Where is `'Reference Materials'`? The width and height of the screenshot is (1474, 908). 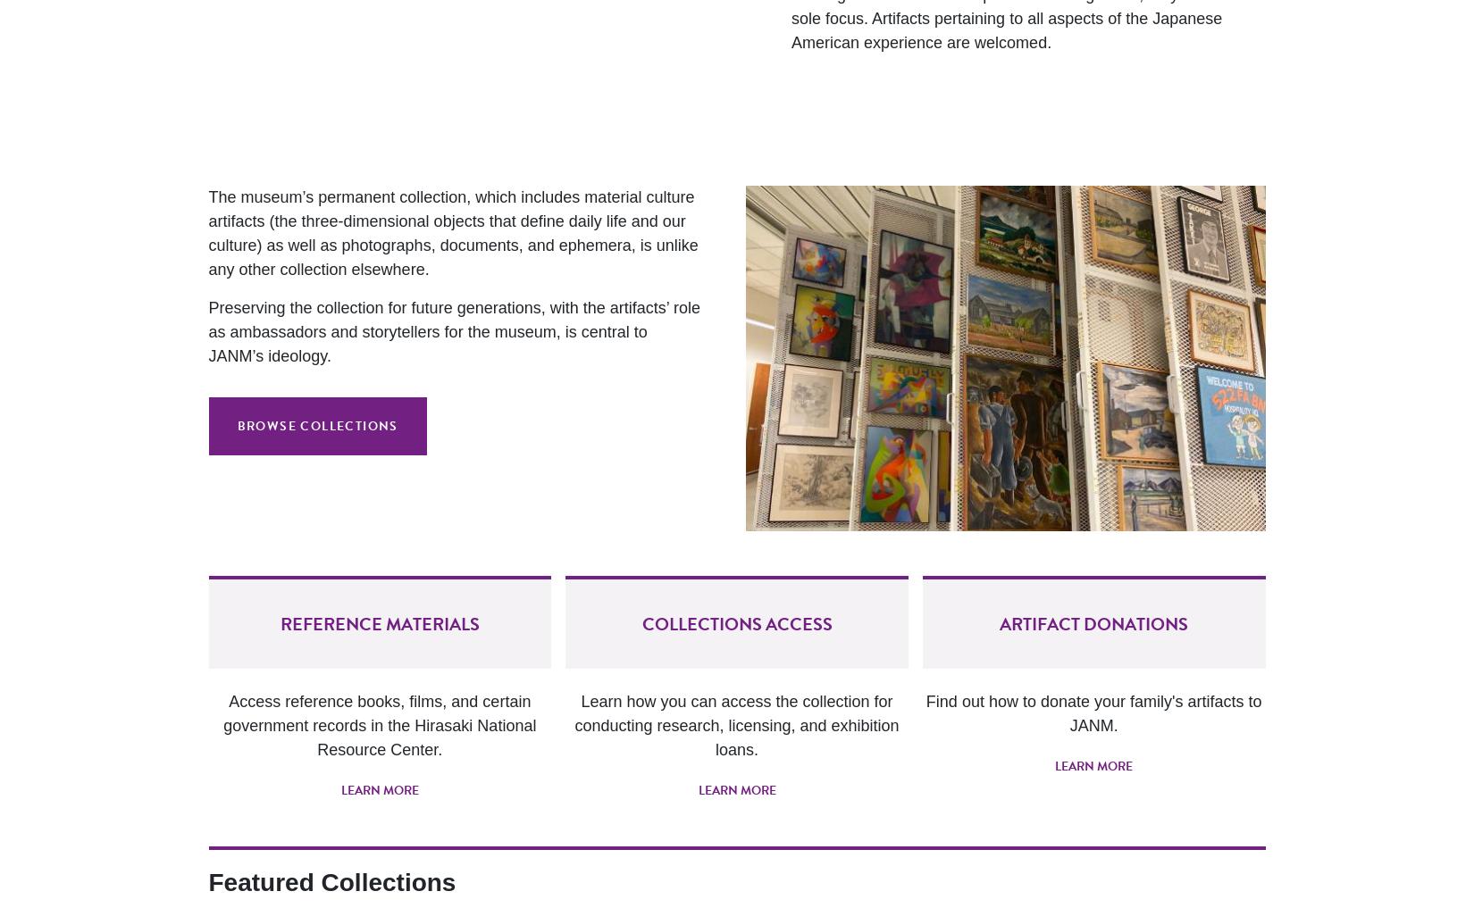 'Reference Materials' is located at coordinates (280, 622).